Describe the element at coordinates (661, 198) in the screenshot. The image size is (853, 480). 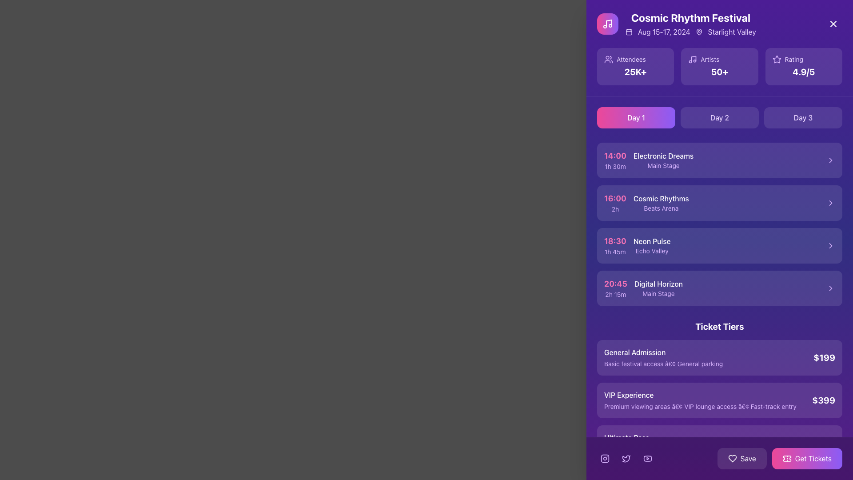
I see `the static text label that displays 'Cosmic Rhythms,' which is styled in white and bold font and is located above 'Beats Arena' in the event list on a purple background` at that location.